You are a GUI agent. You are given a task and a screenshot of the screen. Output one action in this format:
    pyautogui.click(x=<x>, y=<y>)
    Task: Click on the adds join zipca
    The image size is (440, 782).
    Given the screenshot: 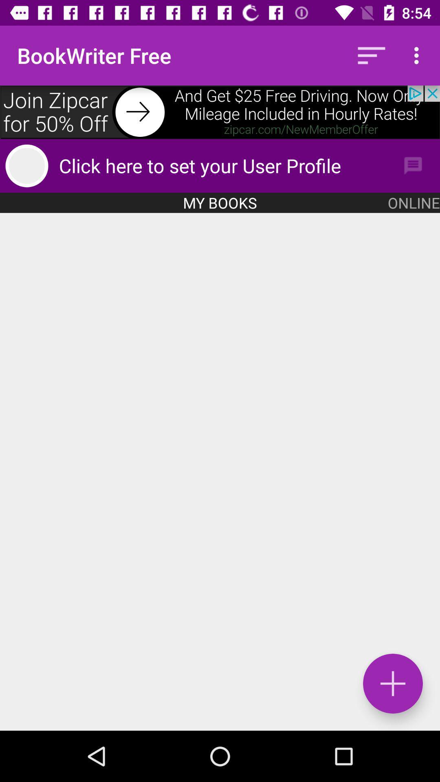 What is the action you would take?
    pyautogui.click(x=220, y=112)
    